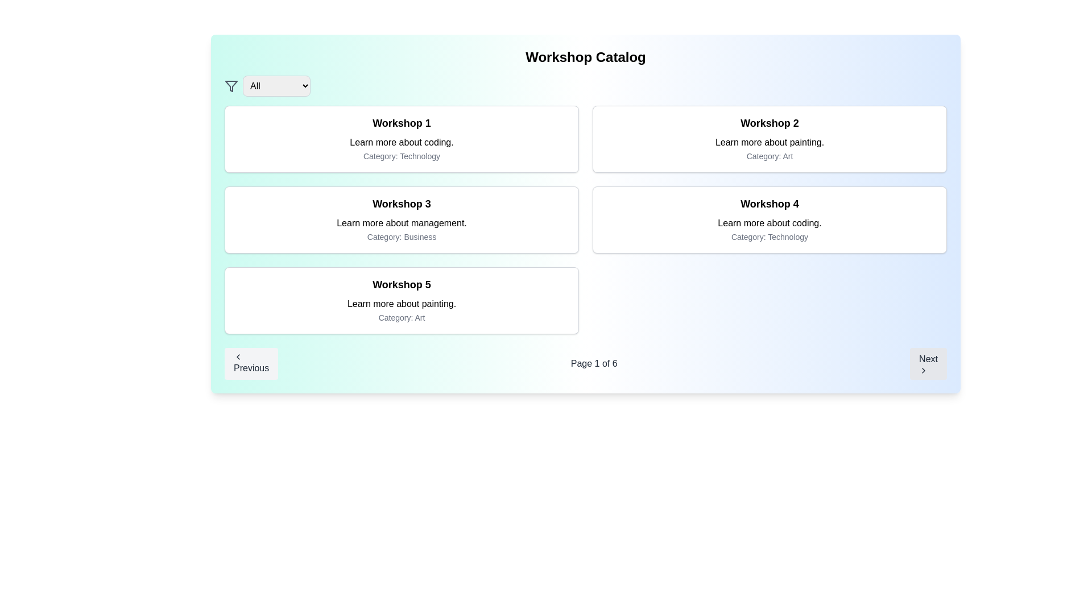  What do you see at coordinates (231, 85) in the screenshot?
I see `the filtering icon located near the top-left corner of the interface, adjacent to the 'All' dropdown, which indicates or activates filtering functionality` at bounding box center [231, 85].